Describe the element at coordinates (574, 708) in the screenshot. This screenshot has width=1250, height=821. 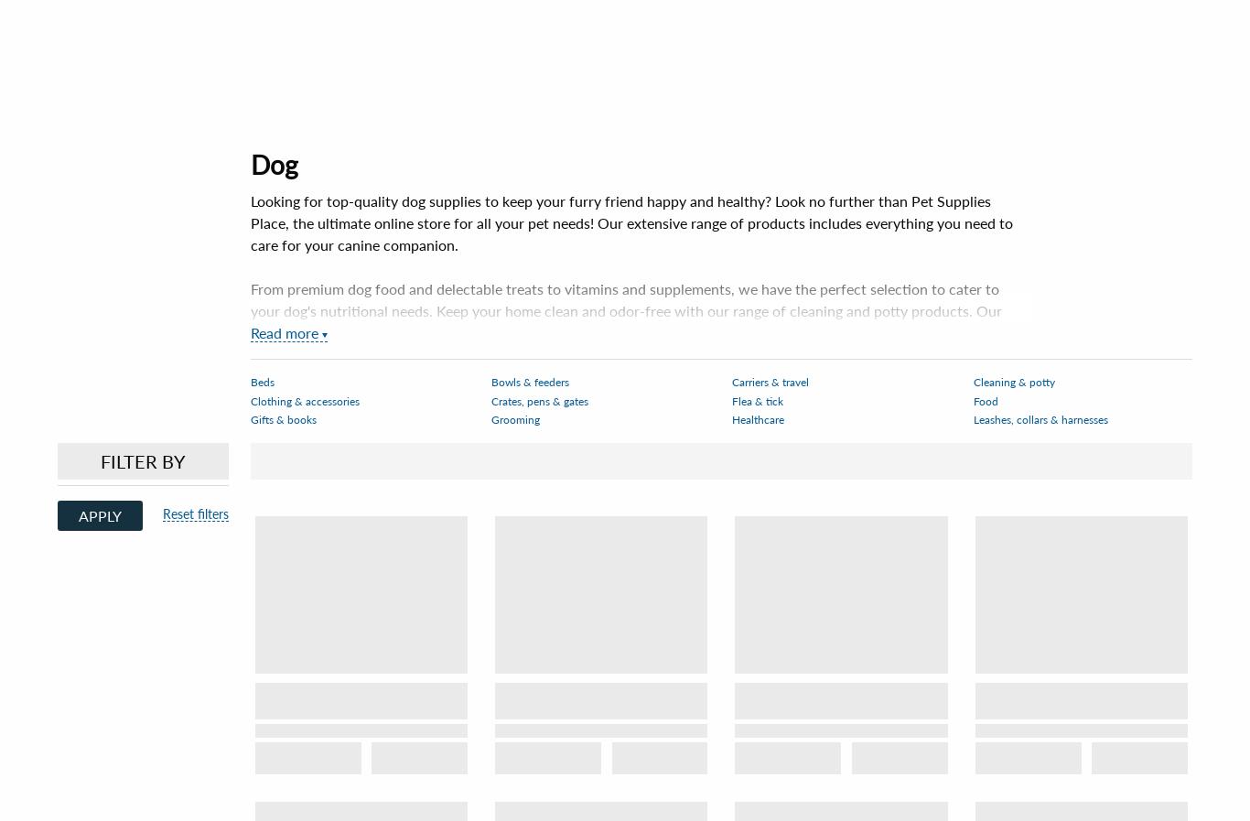
I see `'Order Communication'` at that location.